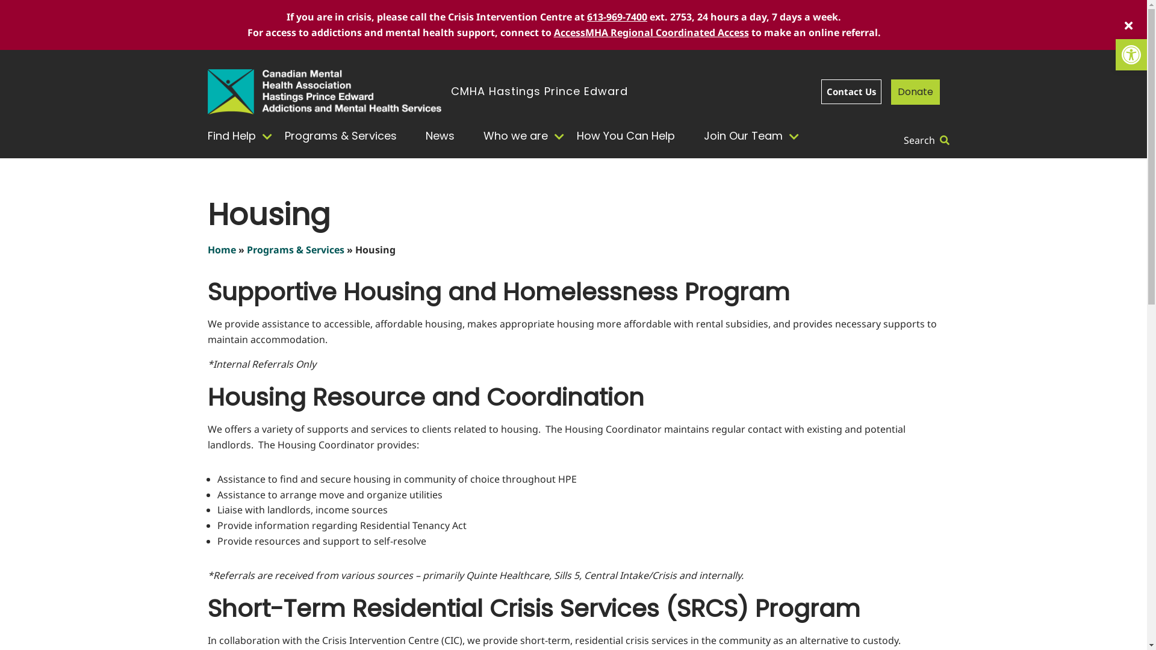  Describe the element at coordinates (617, 16) in the screenshot. I see `'613-969-7400'` at that location.